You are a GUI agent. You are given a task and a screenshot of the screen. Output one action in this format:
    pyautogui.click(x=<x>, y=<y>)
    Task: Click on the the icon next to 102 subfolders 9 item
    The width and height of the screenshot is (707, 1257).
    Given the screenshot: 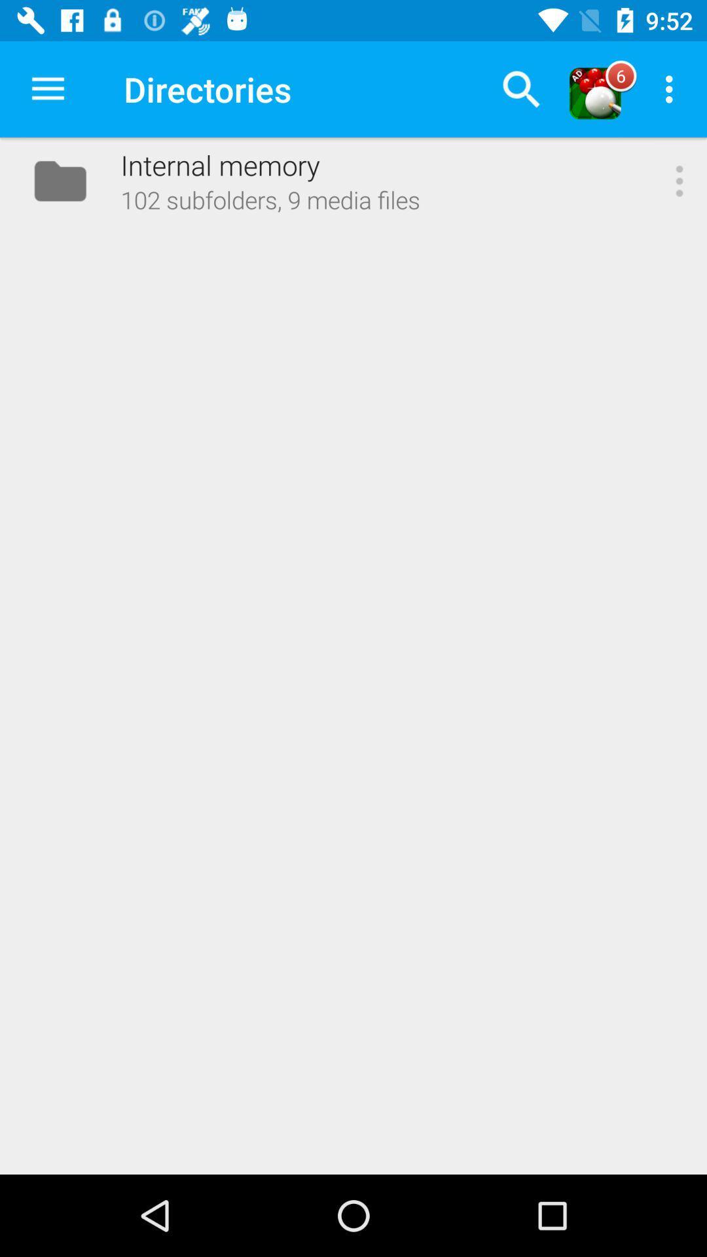 What is the action you would take?
    pyautogui.click(x=678, y=180)
    